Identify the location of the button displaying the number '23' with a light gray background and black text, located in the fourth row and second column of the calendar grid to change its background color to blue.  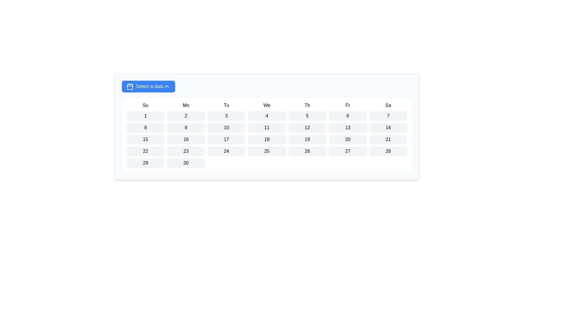
(186, 151).